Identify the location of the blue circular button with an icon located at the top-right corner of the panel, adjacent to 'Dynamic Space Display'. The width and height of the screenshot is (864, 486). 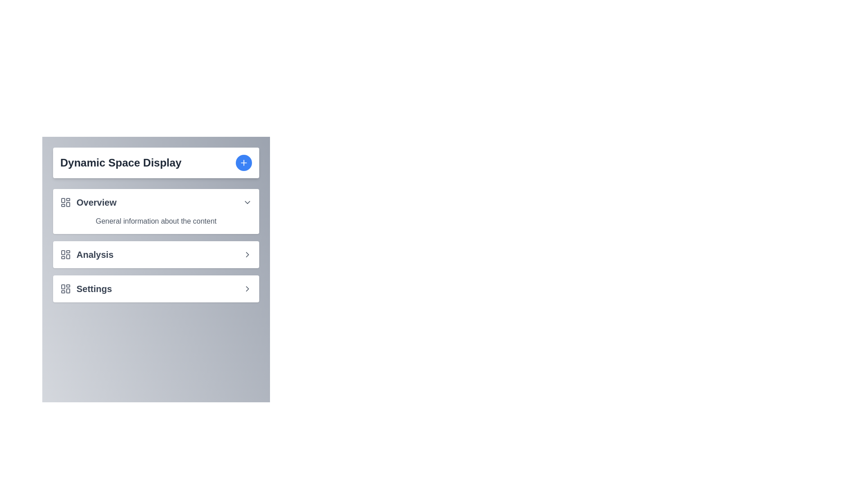
(244, 163).